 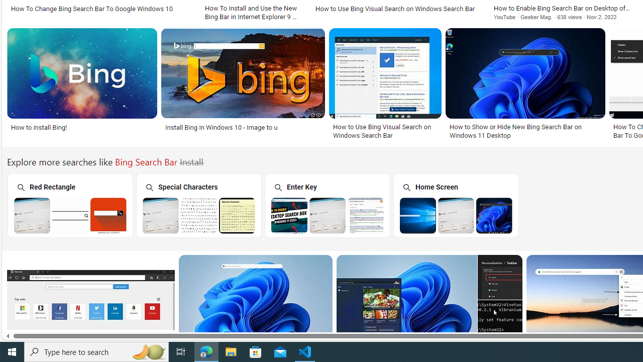 I want to click on 'Bing Search Bar Enter Key Enter Key', so click(x=327, y=205).